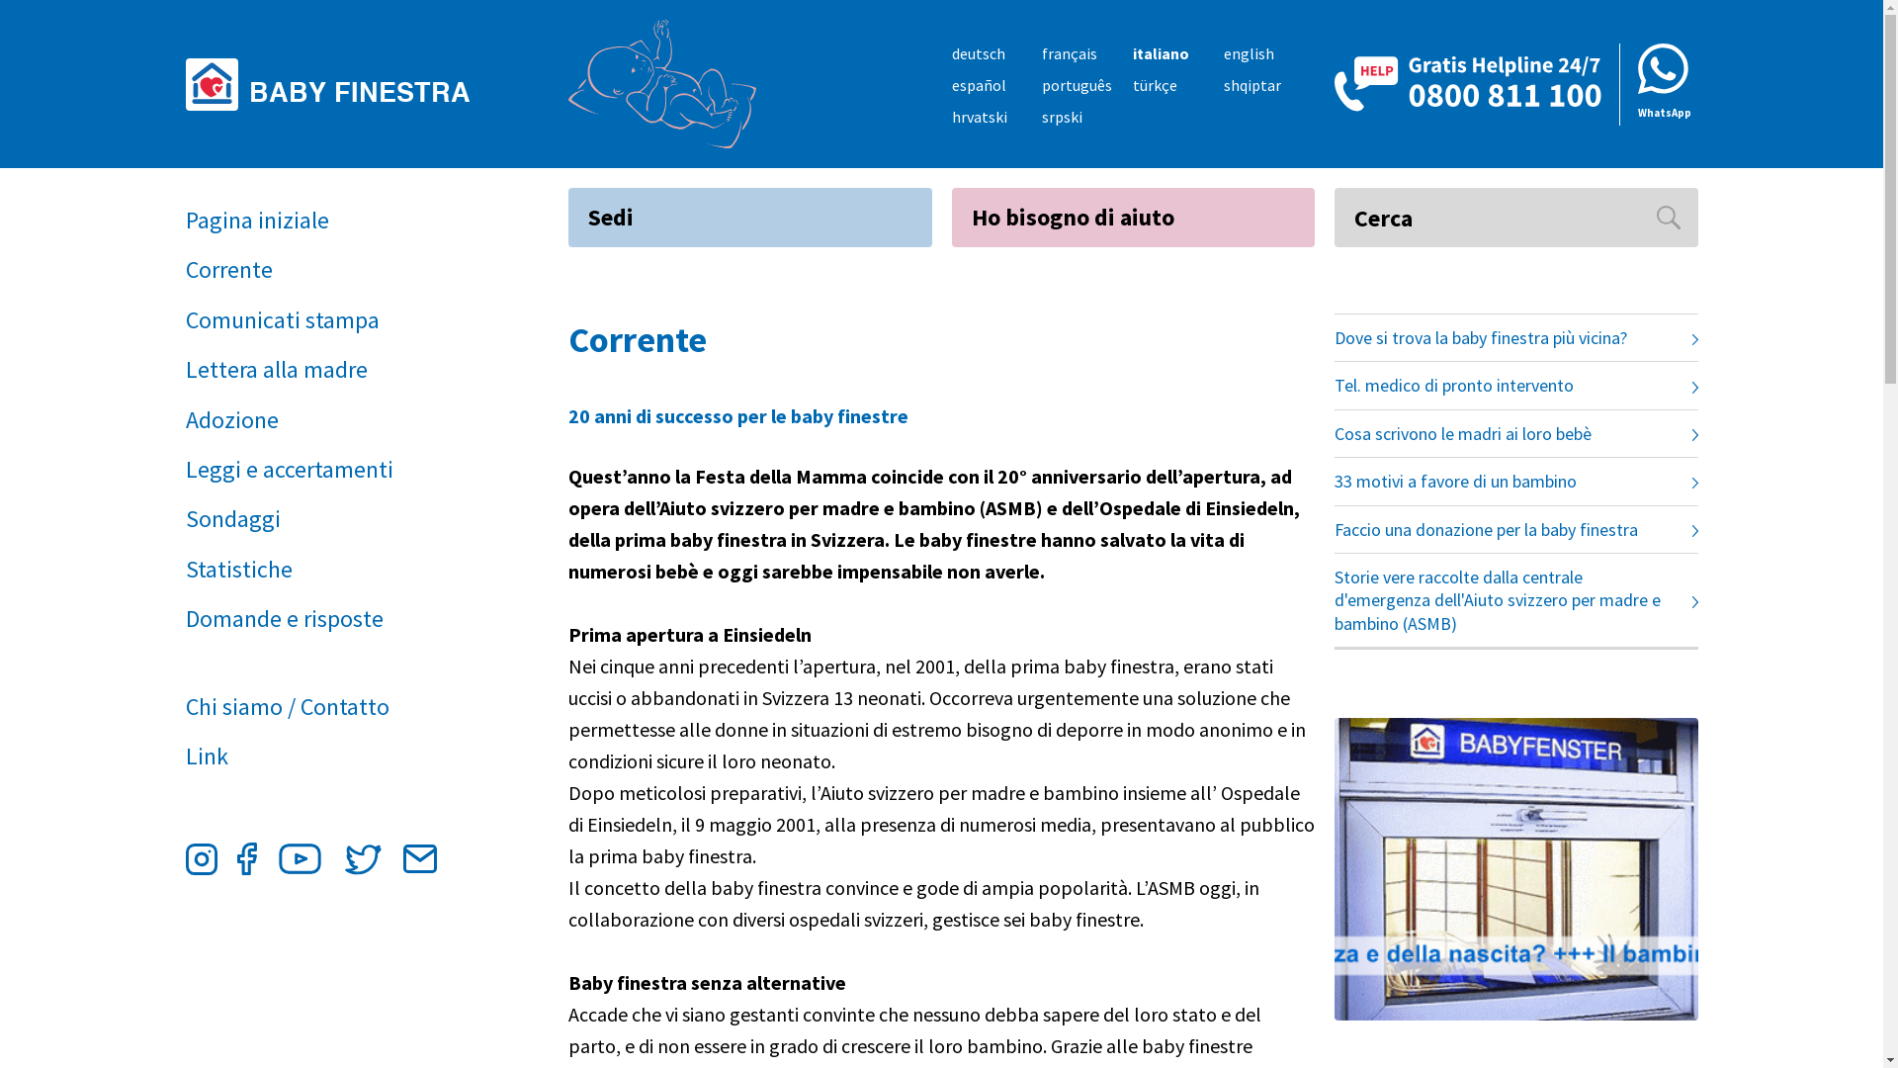  I want to click on 'Statistiche', so click(331, 569).